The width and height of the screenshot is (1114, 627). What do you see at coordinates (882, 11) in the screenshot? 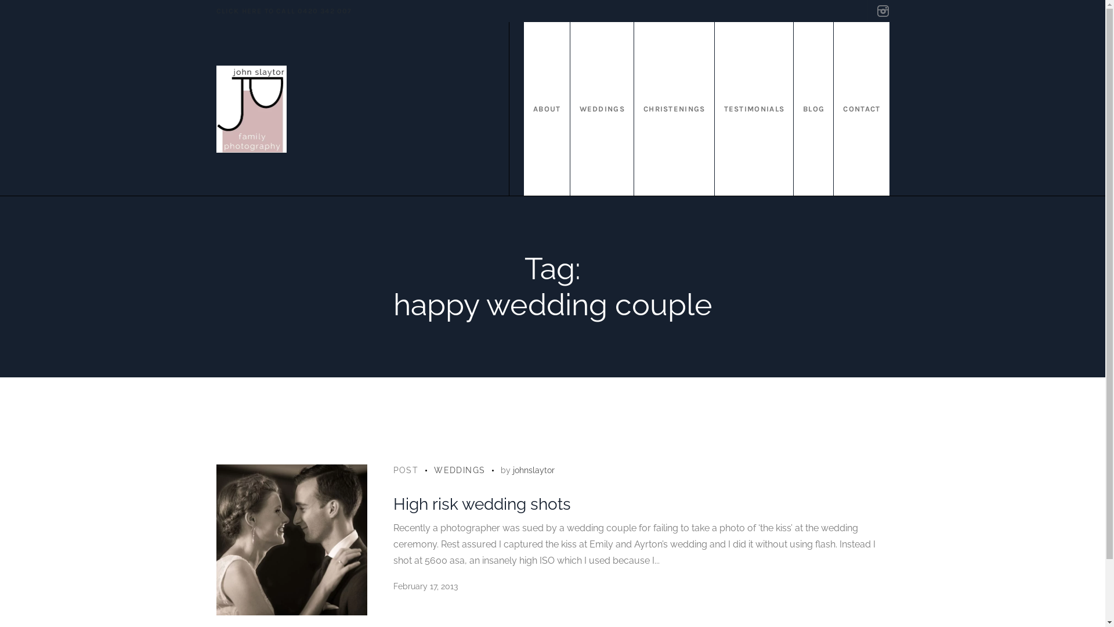
I see `'Instagram'` at bounding box center [882, 11].